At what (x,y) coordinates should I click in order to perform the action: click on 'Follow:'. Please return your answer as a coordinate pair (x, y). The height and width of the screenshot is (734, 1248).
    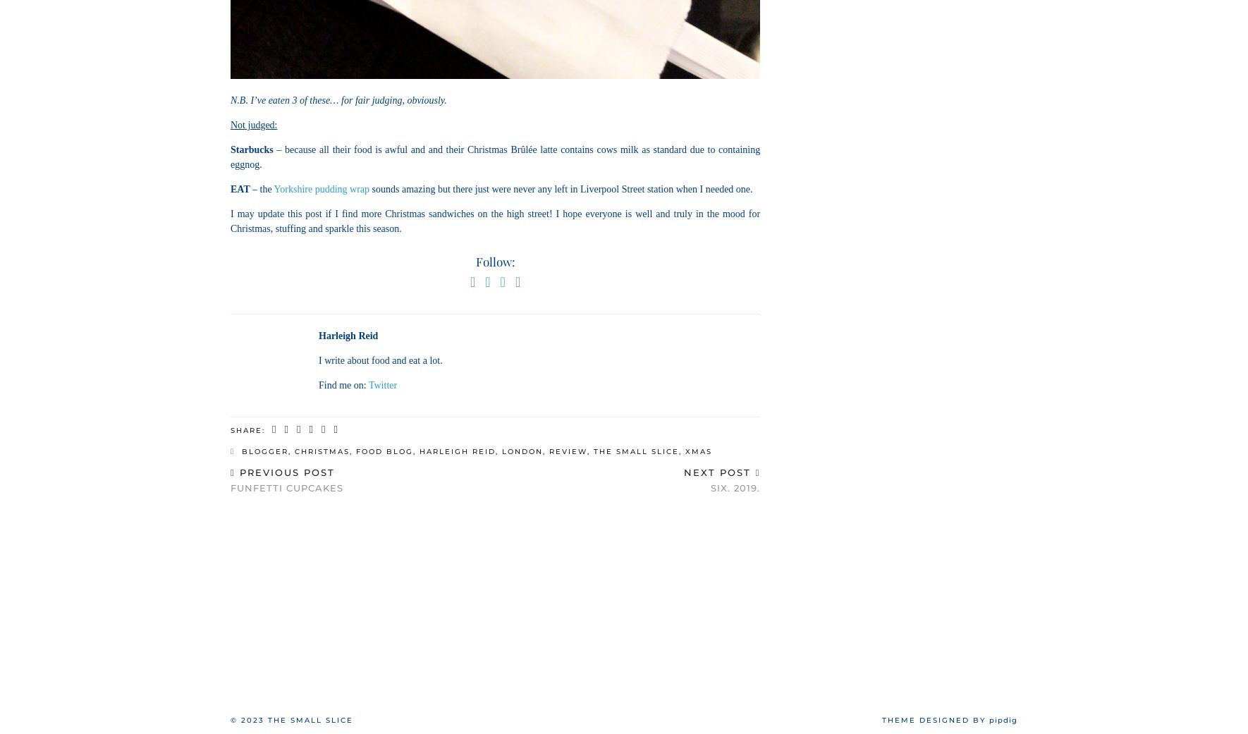
    Looking at the image, I should click on (494, 260).